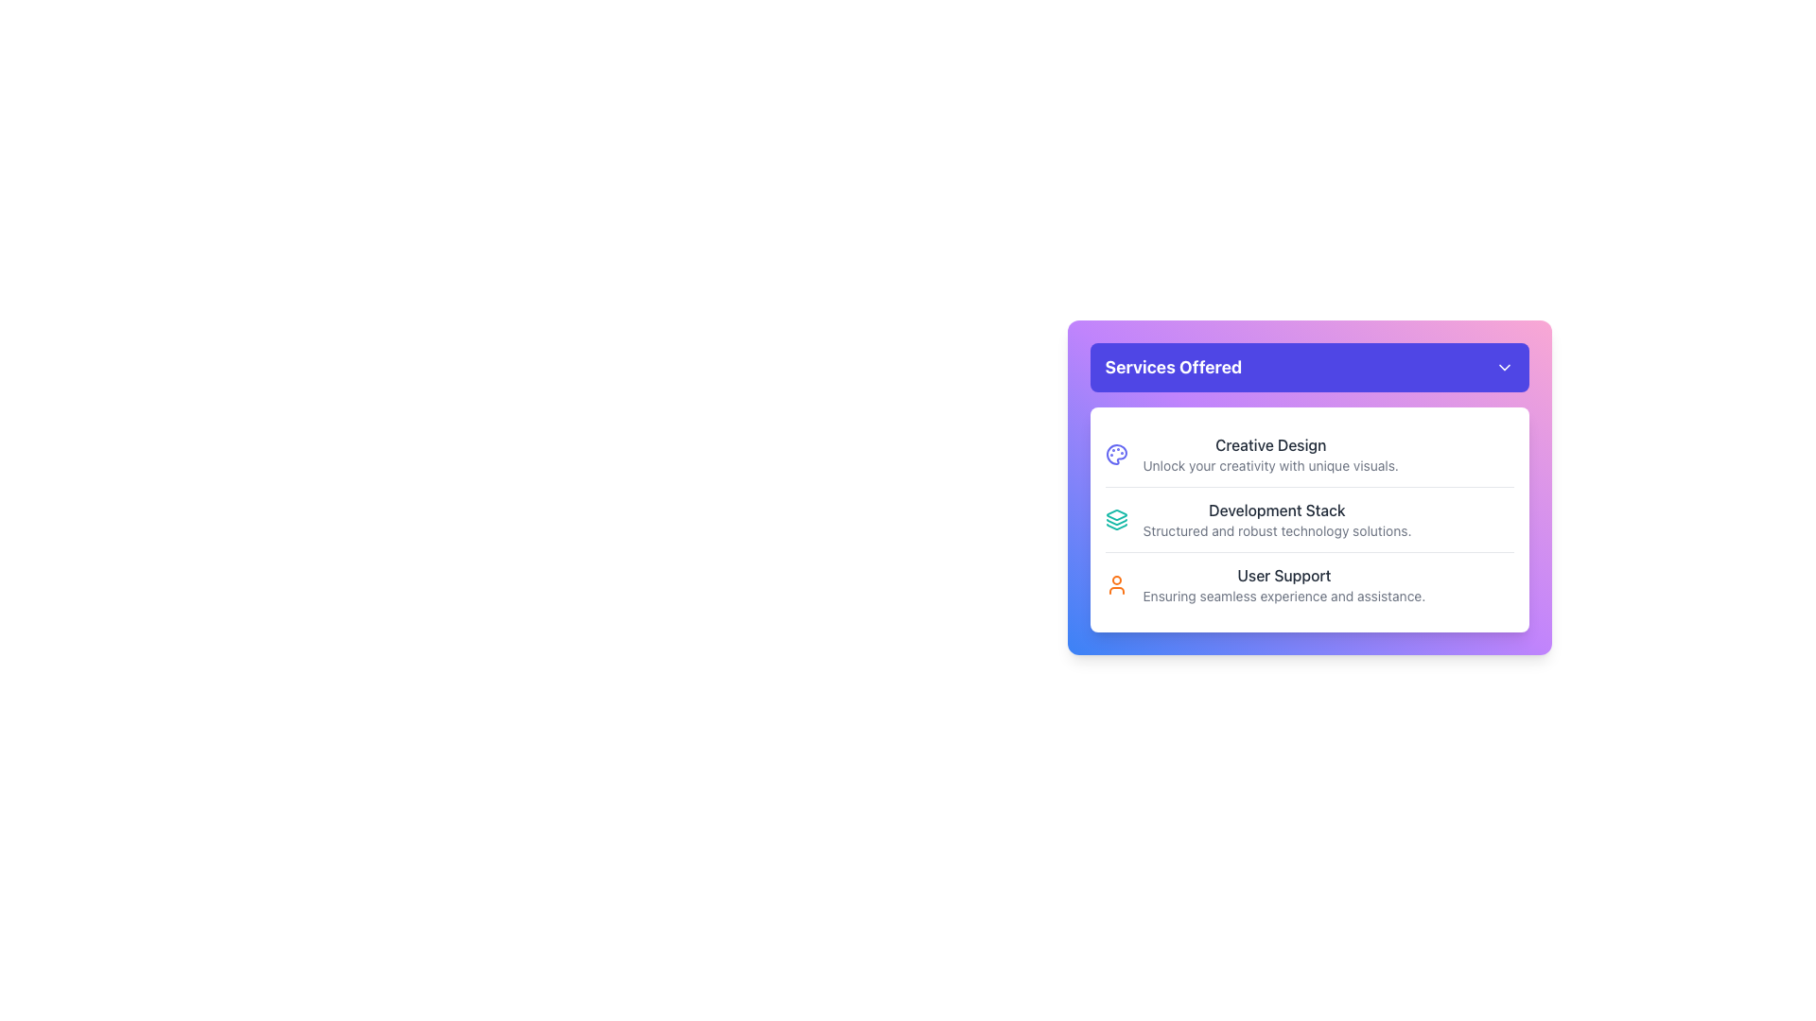 This screenshot has height=1021, width=1816. What do you see at coordinates (1277, 520) in the screenshot?
I see `text from the Text Block titled 'Development Stack' which is the second item under 'Services Offered', displaying a subtitle about technology solutions` at bounding box center [1277, 520].